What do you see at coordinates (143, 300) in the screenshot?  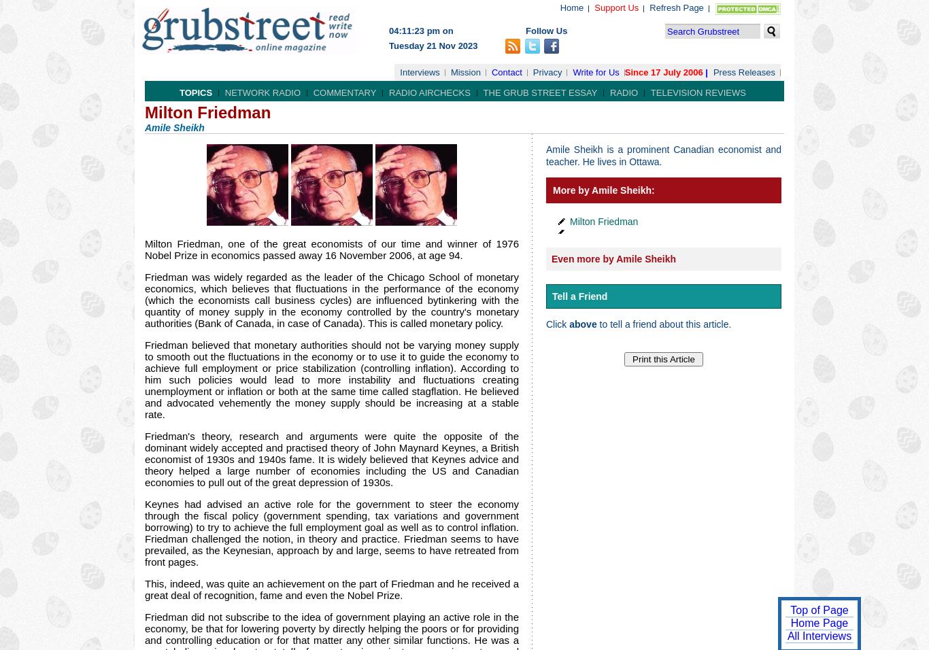 I see `'Friedman was widely regarded as the leader of the  Chicago School of monetary economics, which  believes that fluctuations in the performance of  the economy (which the economists call business  cycles) are influenced bytinkering with the  quantity of money supply in the economy controlled  by the country's monetary authorities (Bank of  Canada, in case of Canada). This is called monetary  policy.'` at bounding box center [143, 300].